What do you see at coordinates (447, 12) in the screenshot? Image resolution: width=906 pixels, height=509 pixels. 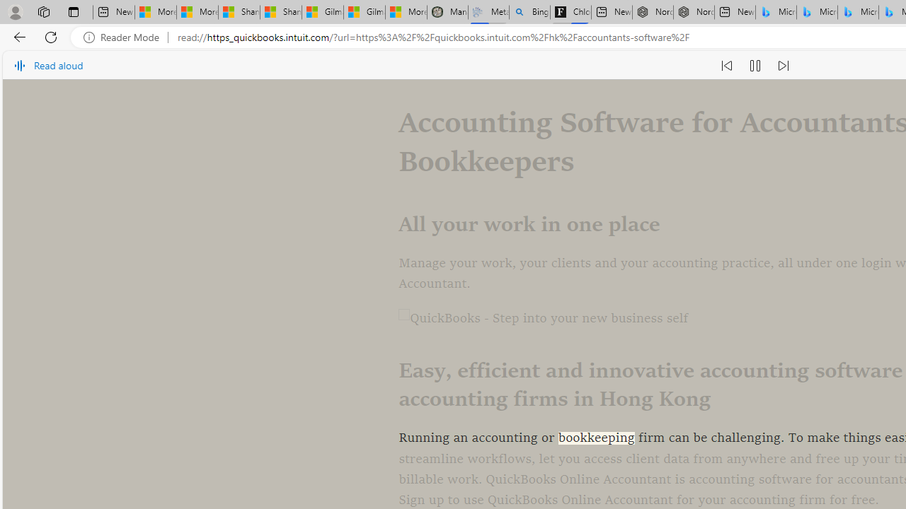 I see `'Manatee Mortality Statistics | FWC'` at bounding box center [447, 12].